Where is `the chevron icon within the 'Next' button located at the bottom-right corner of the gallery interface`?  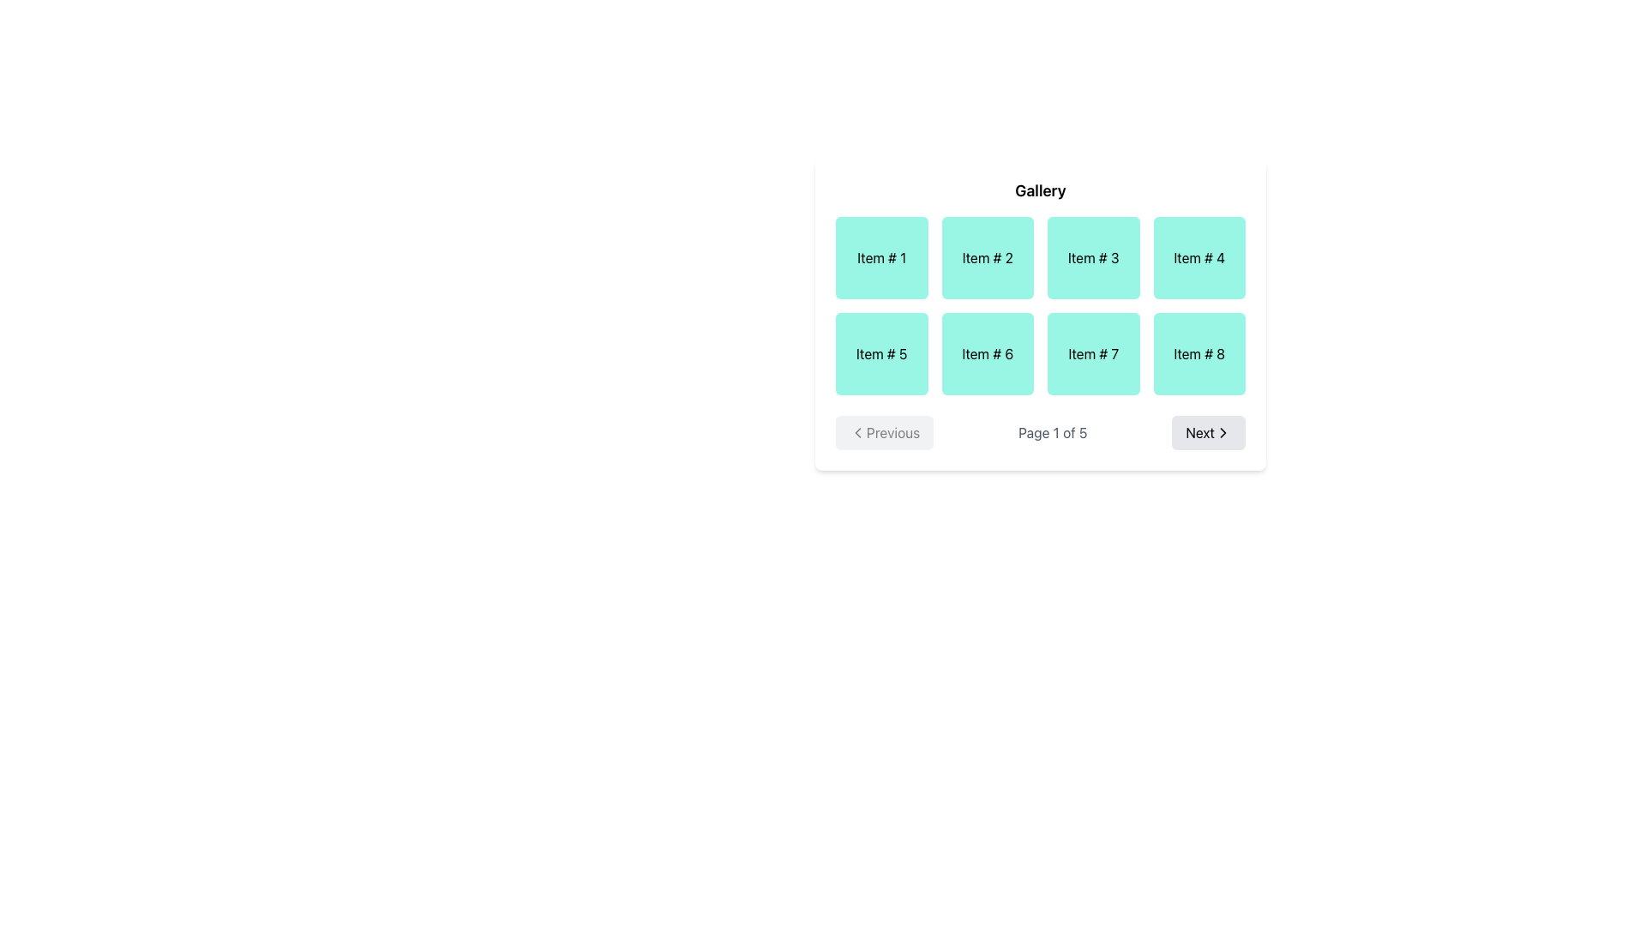 the chevron icon within the 'Next' button located at the bottom-right corner of the gallery interface is located at coordinates (1222, 432).